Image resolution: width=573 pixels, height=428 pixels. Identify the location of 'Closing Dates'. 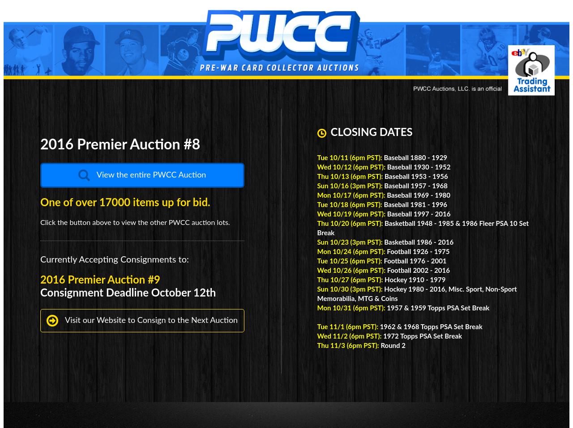
(371, 132).